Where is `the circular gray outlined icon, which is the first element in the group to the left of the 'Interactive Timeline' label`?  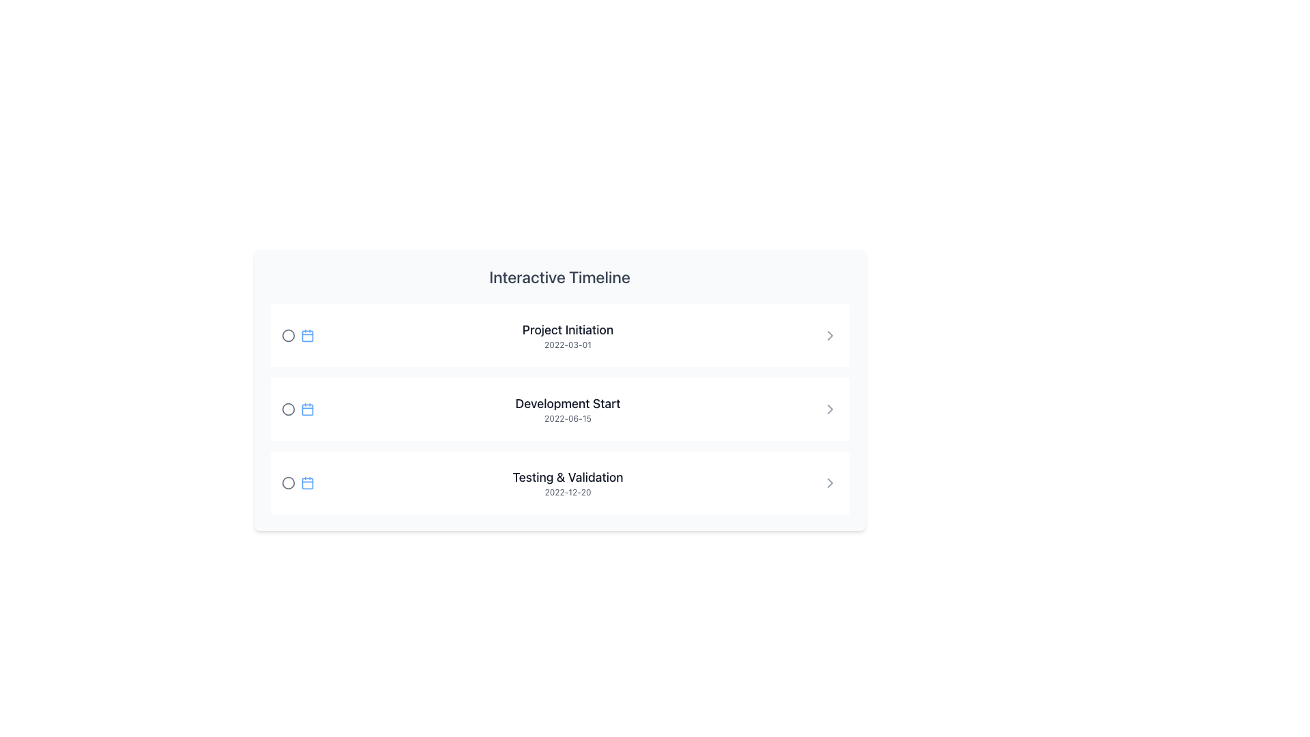 the circular gray outlined icon, which is the first element in the group to the left of the 'Interactive Timeline' label is located at coordinates (287, 336).